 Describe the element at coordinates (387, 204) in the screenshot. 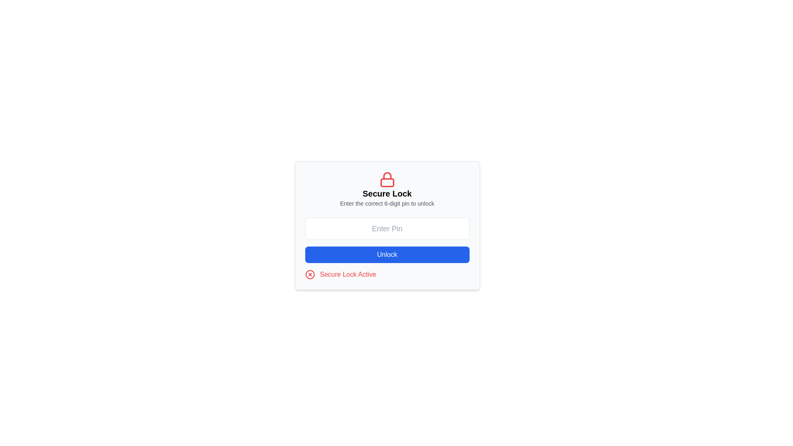

I see `the text label that reads 'Enter the correct 6-digit pin to unlock'` at that location.